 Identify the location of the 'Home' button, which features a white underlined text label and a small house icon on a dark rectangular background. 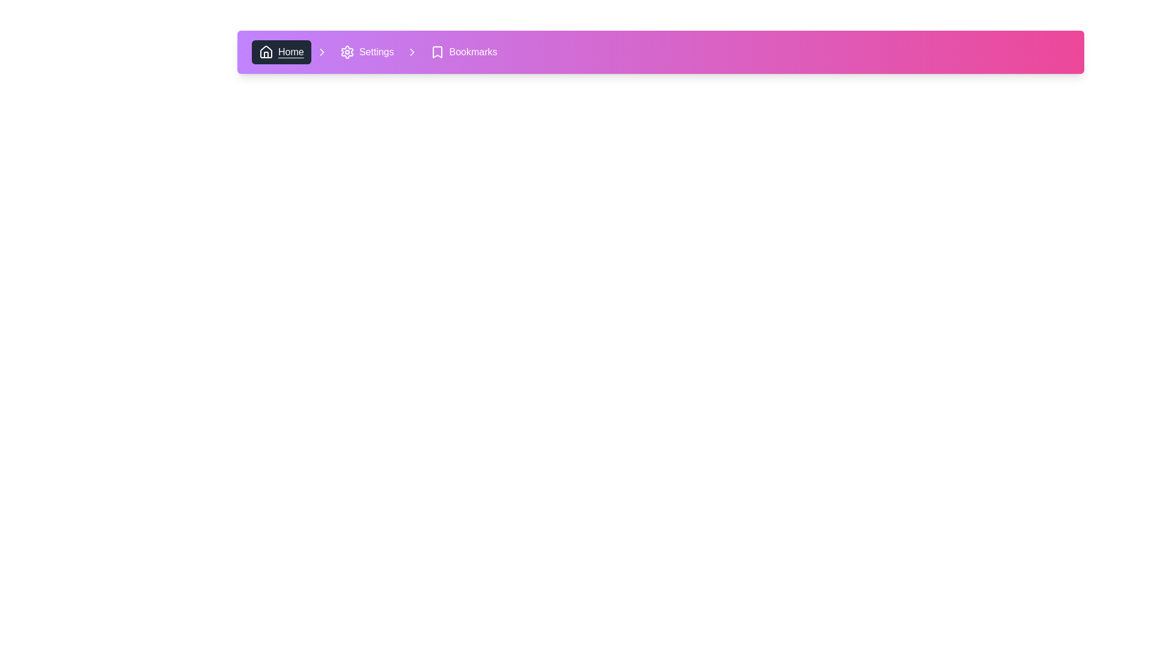
(292, 52).